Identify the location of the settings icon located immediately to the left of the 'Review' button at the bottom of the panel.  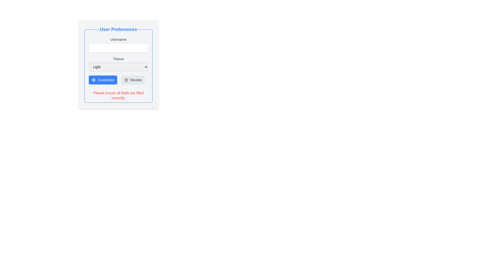
(93, 80).